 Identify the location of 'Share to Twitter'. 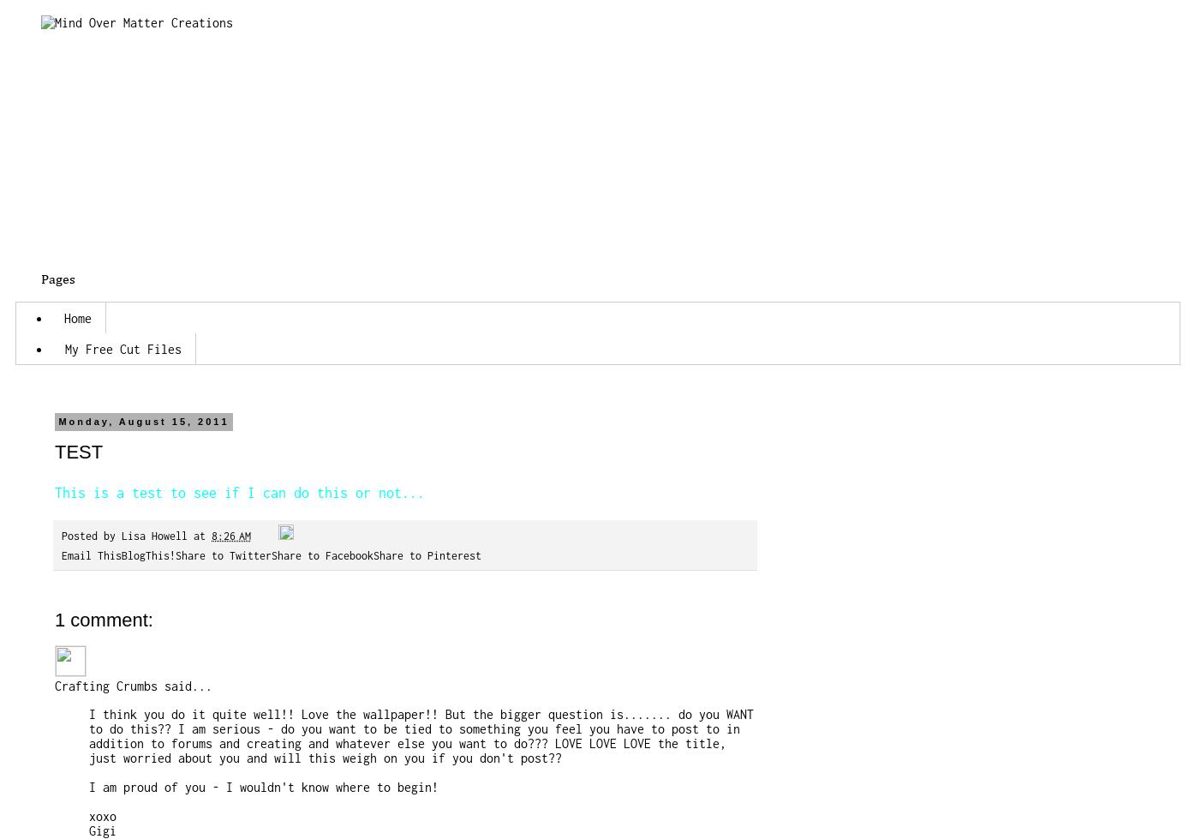
(223, 554).